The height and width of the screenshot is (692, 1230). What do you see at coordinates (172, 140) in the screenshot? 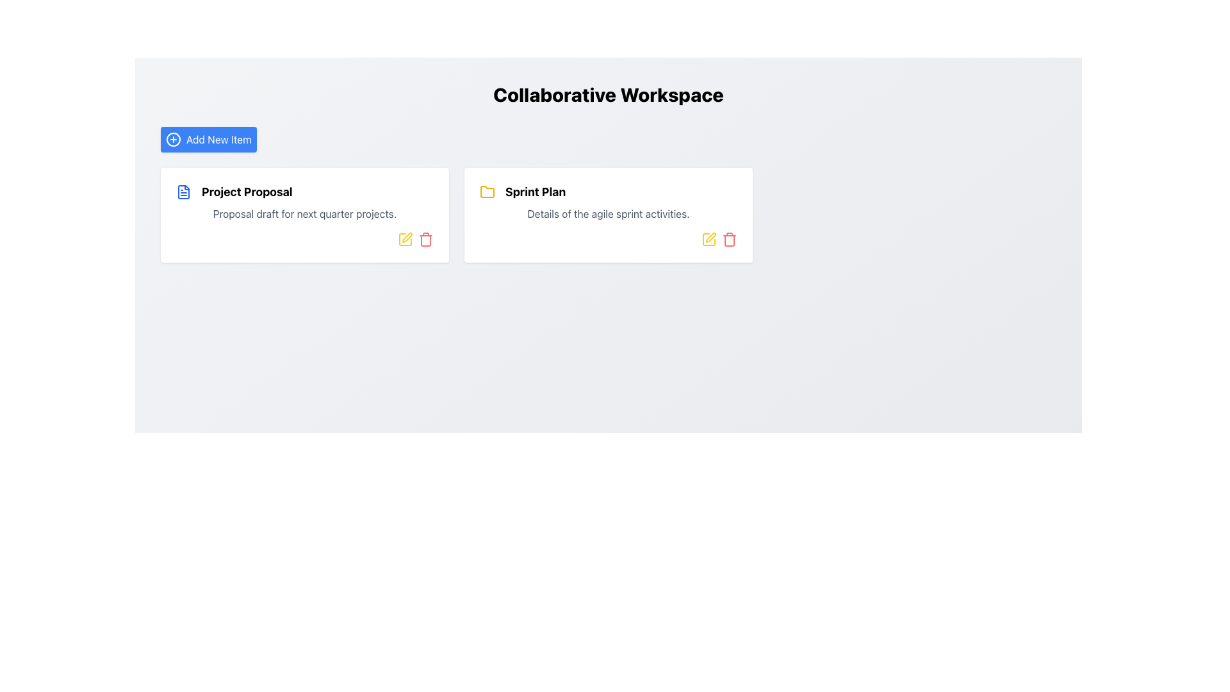
I see `the SVG circle element that represents the innermost component of the 'Add New Item' button's icon, located at the top left of the blue button` at bounding box center [172, 140].